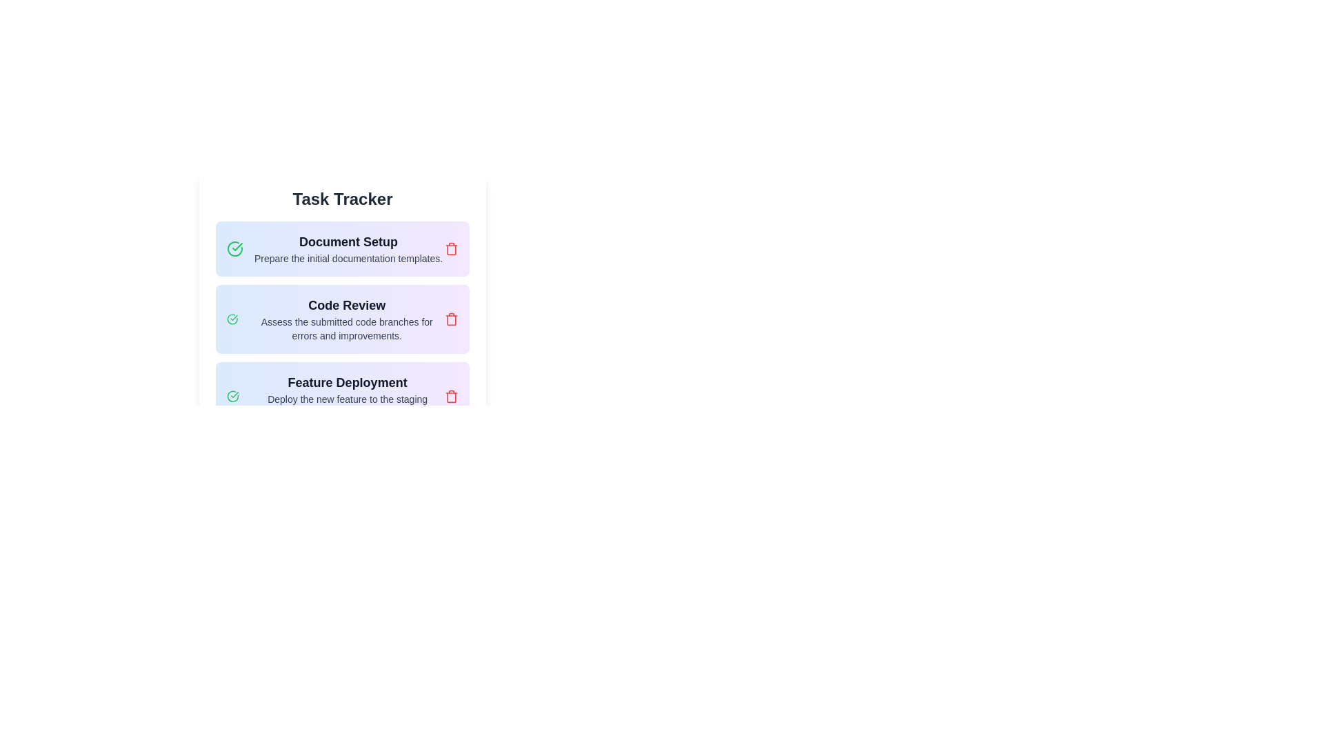 The width and height of the screenshot is (1324, 745). What do you see at coordinates (348, 249) in the screenshot?
I see `the informational text block that serves as the header for the task in the task tracker, located under the 'Task Tracker' heading and above other items like 'Code Review' and 'Feature Deployment'` at bounding box center [348, 249].